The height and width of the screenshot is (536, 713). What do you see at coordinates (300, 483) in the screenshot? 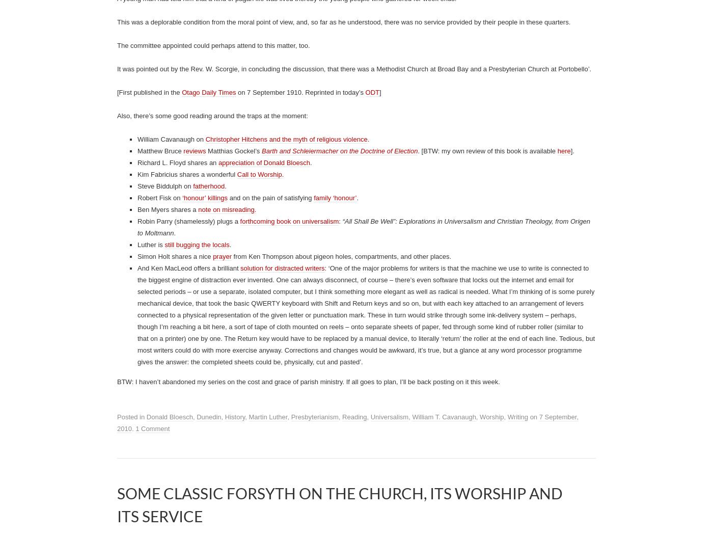
I see `'on 7 September 1910. Reprinted in today’s'` at bounding box center [300, 483].